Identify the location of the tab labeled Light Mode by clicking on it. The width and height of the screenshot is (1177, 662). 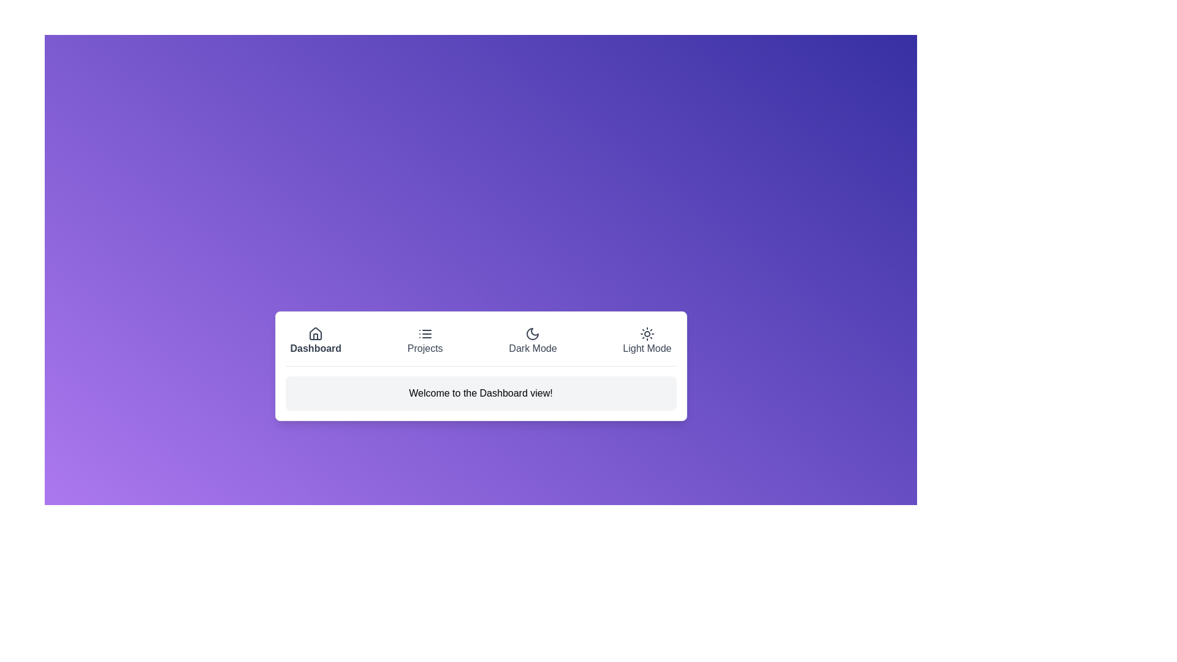
(647, 341).